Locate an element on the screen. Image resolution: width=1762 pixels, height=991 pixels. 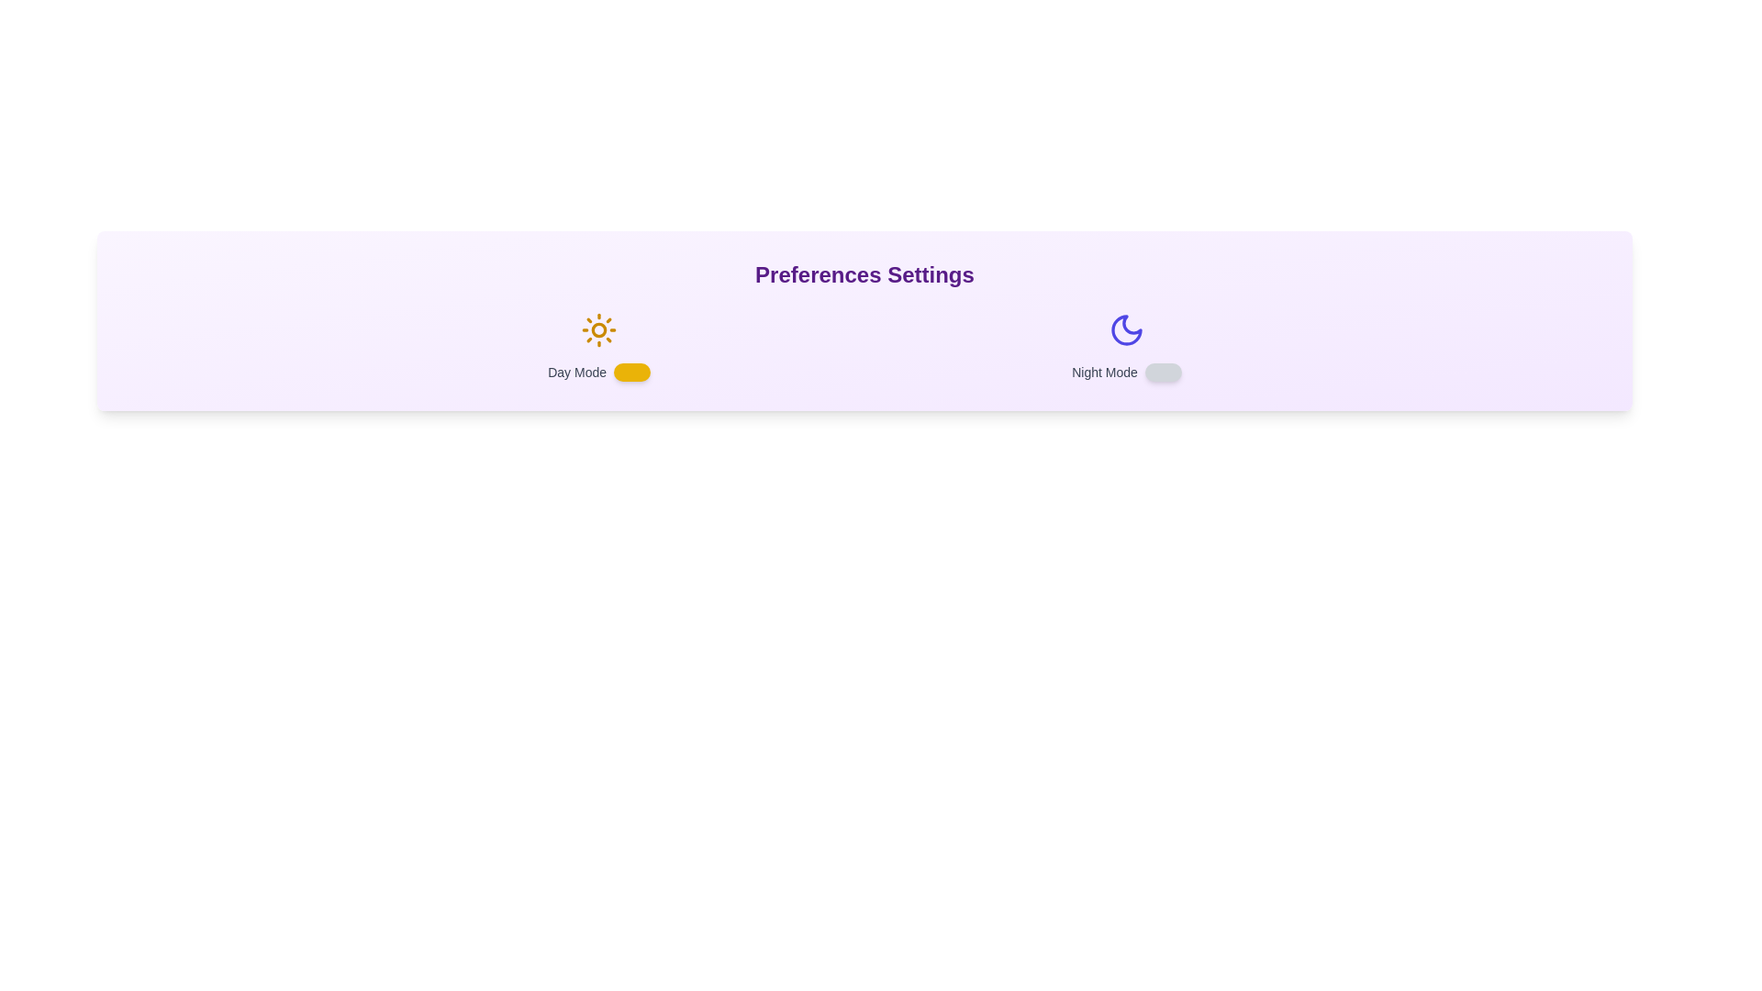
the 'Day Mode' switch to toggle its state is located at coordinates (632, 372).